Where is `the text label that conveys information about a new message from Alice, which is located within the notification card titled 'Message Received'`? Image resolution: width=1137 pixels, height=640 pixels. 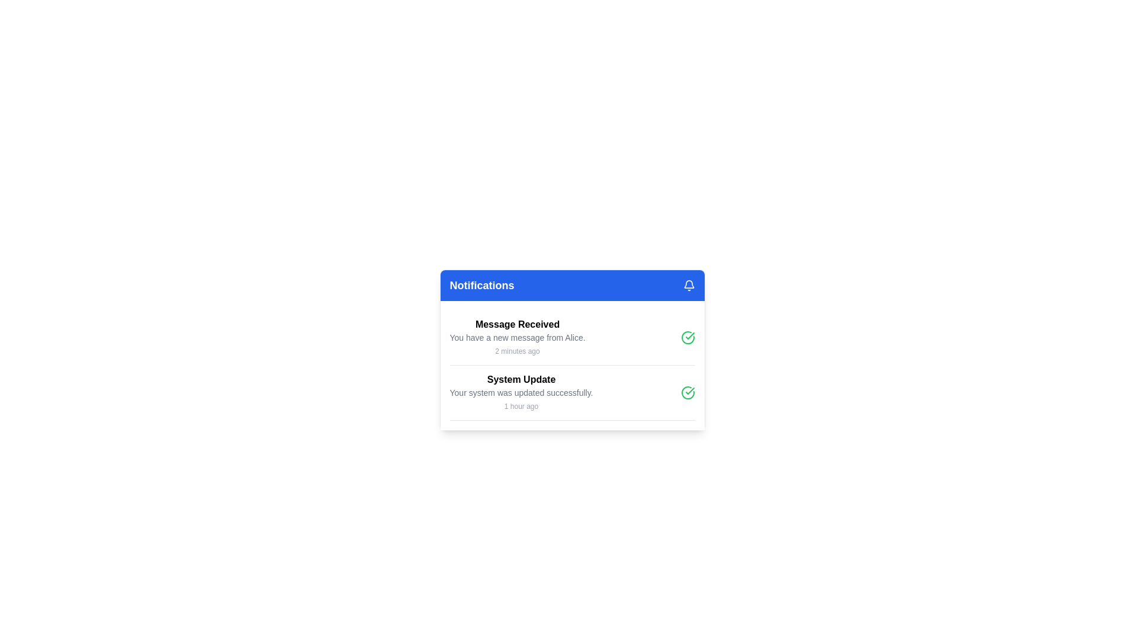
the text label that conveys information about a new message from Alice, which is located within the notification card titled 'Message Received' is located at coordinates (517, 338).